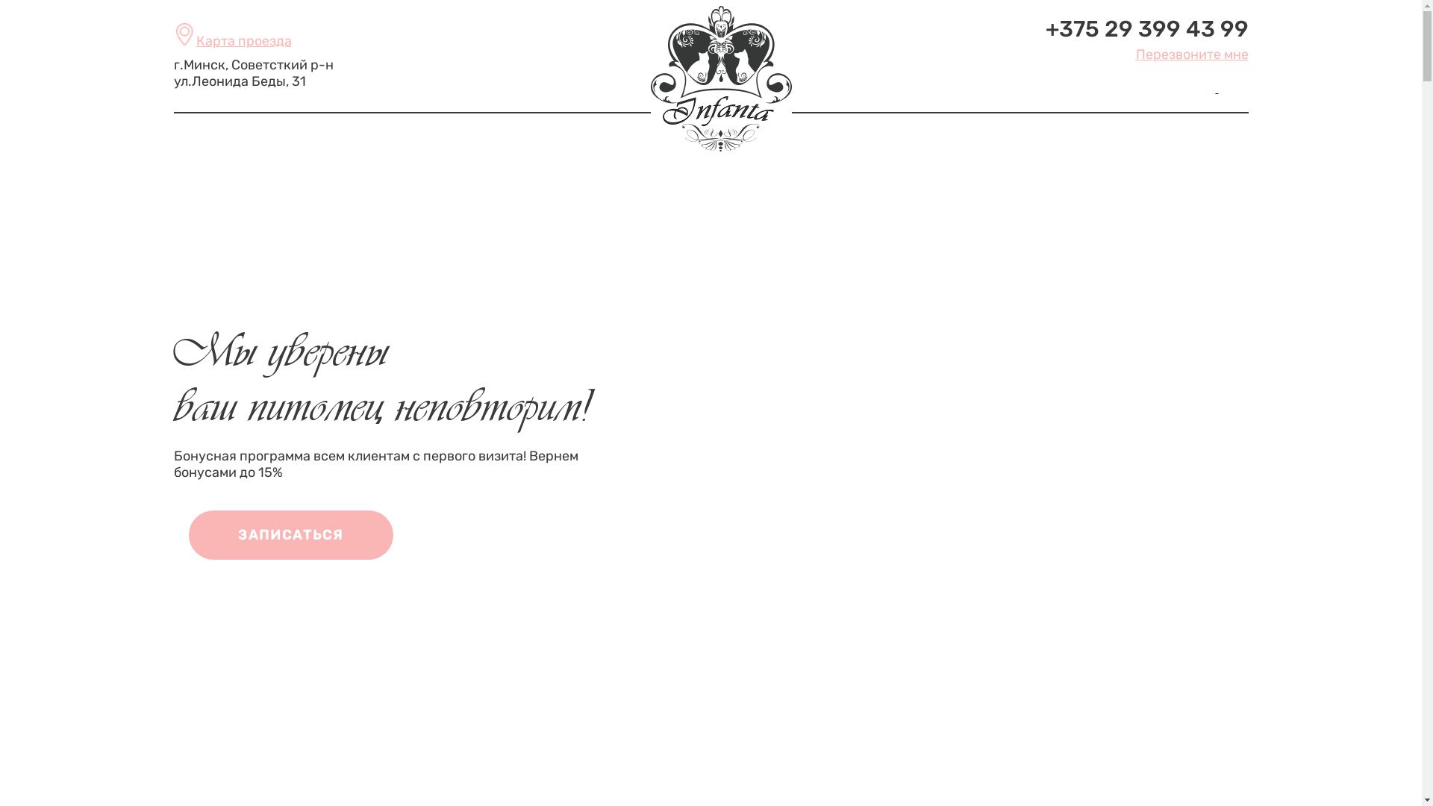 The image size is (1433, 806). Describe the element at coordinates (1146, 28) in the screenshot. I see `'+375 29 399 43 99'` at that location.